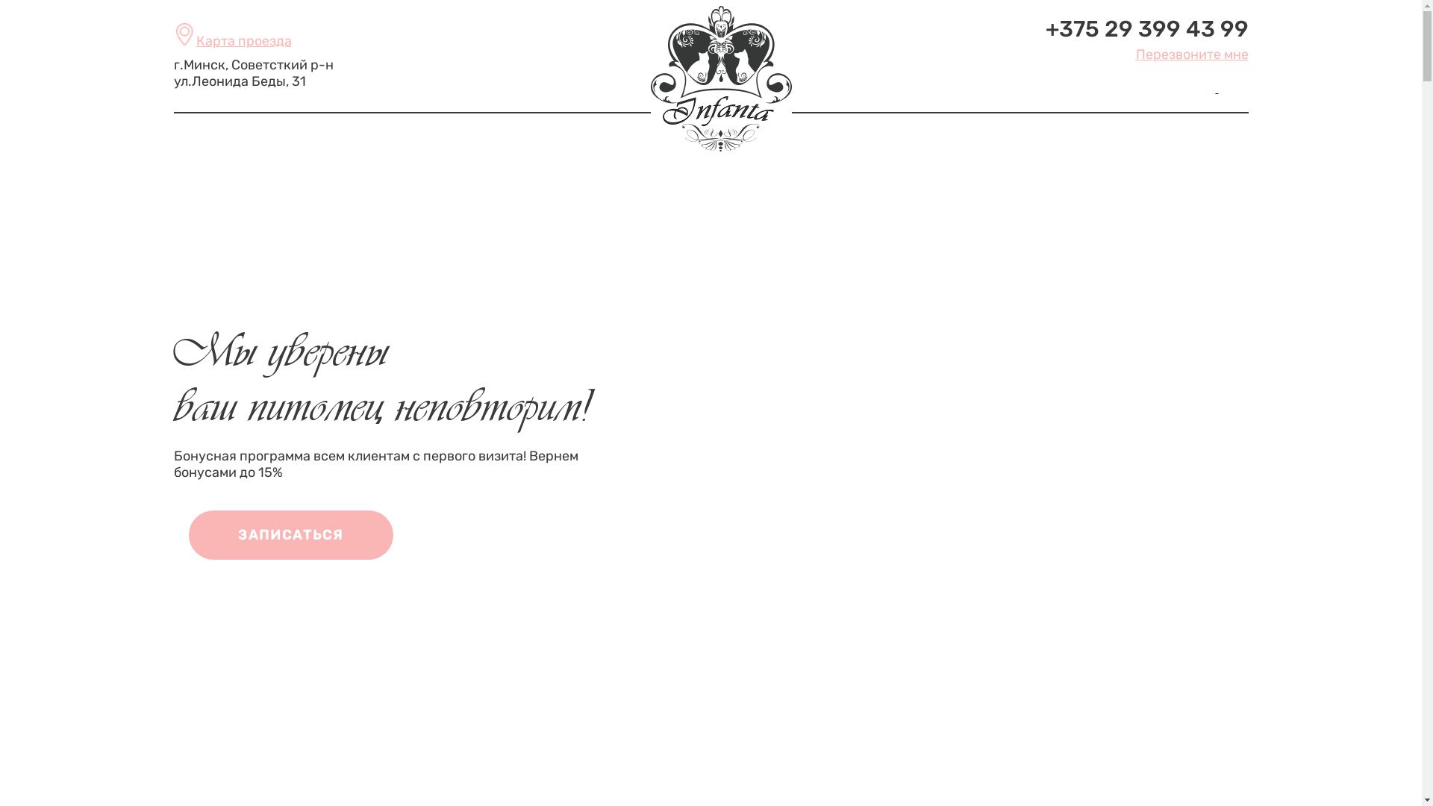 The image size is (1433, 806). Describe the element at coordinates (1146, 28) in the screenshot. I see `'+375 29 399 43 99'` at that location.